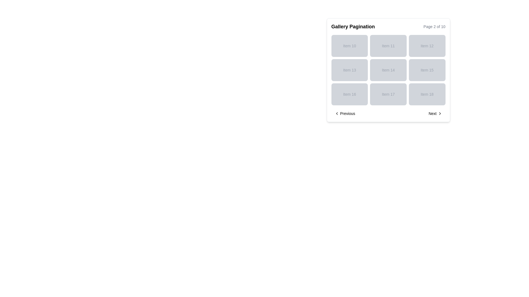 This screenshot has width=529, height=297. Describe the element at coordinates (336, 113) in the screenshot. I see `the Chevron icon pointing left, which is located next to the 'Previous' label in the pagination navigation at the bottom-left corner` at that location.